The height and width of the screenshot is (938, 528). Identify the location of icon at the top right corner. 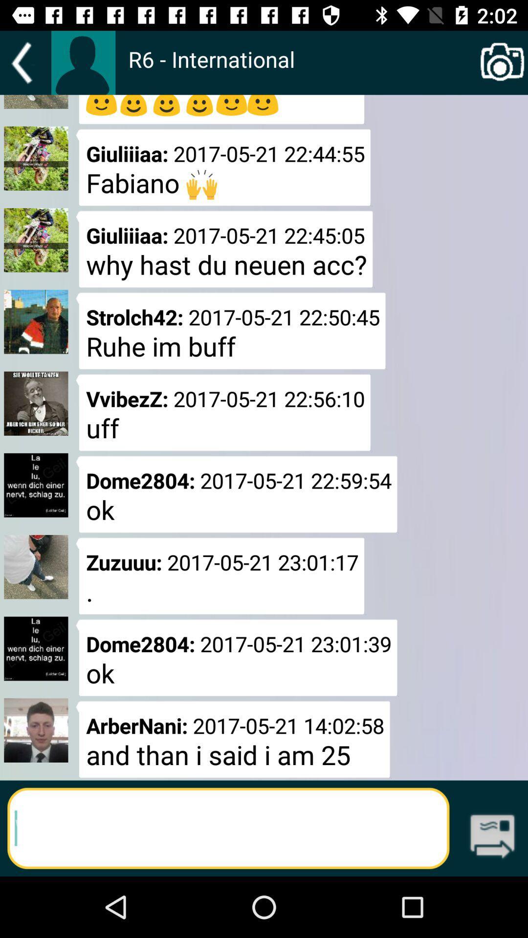
(502, 63).